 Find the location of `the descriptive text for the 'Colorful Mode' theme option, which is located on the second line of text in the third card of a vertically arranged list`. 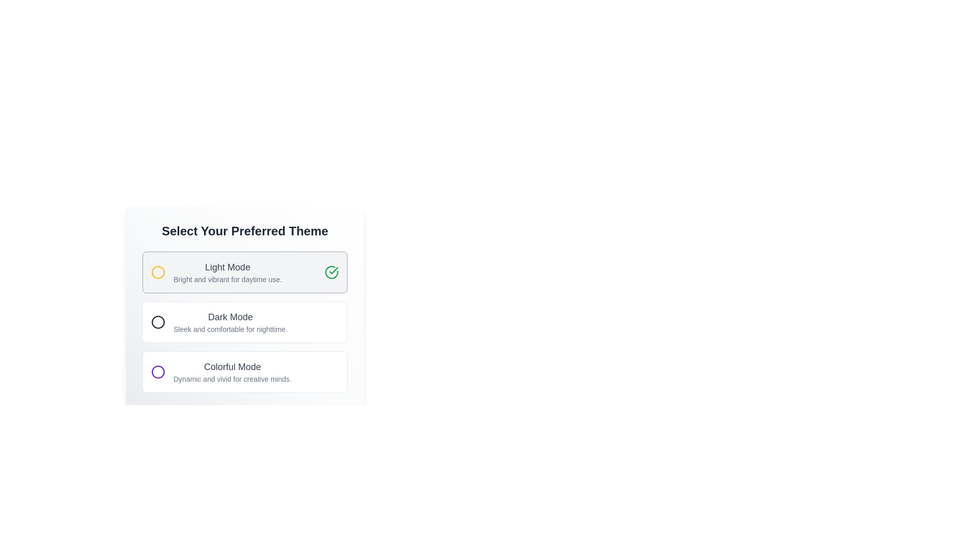

the descriptive text for the 'Colorful Mode' theme option, which is located on the second line of text in the third card of a vertically arranged list is located at coordinates (232, 379).